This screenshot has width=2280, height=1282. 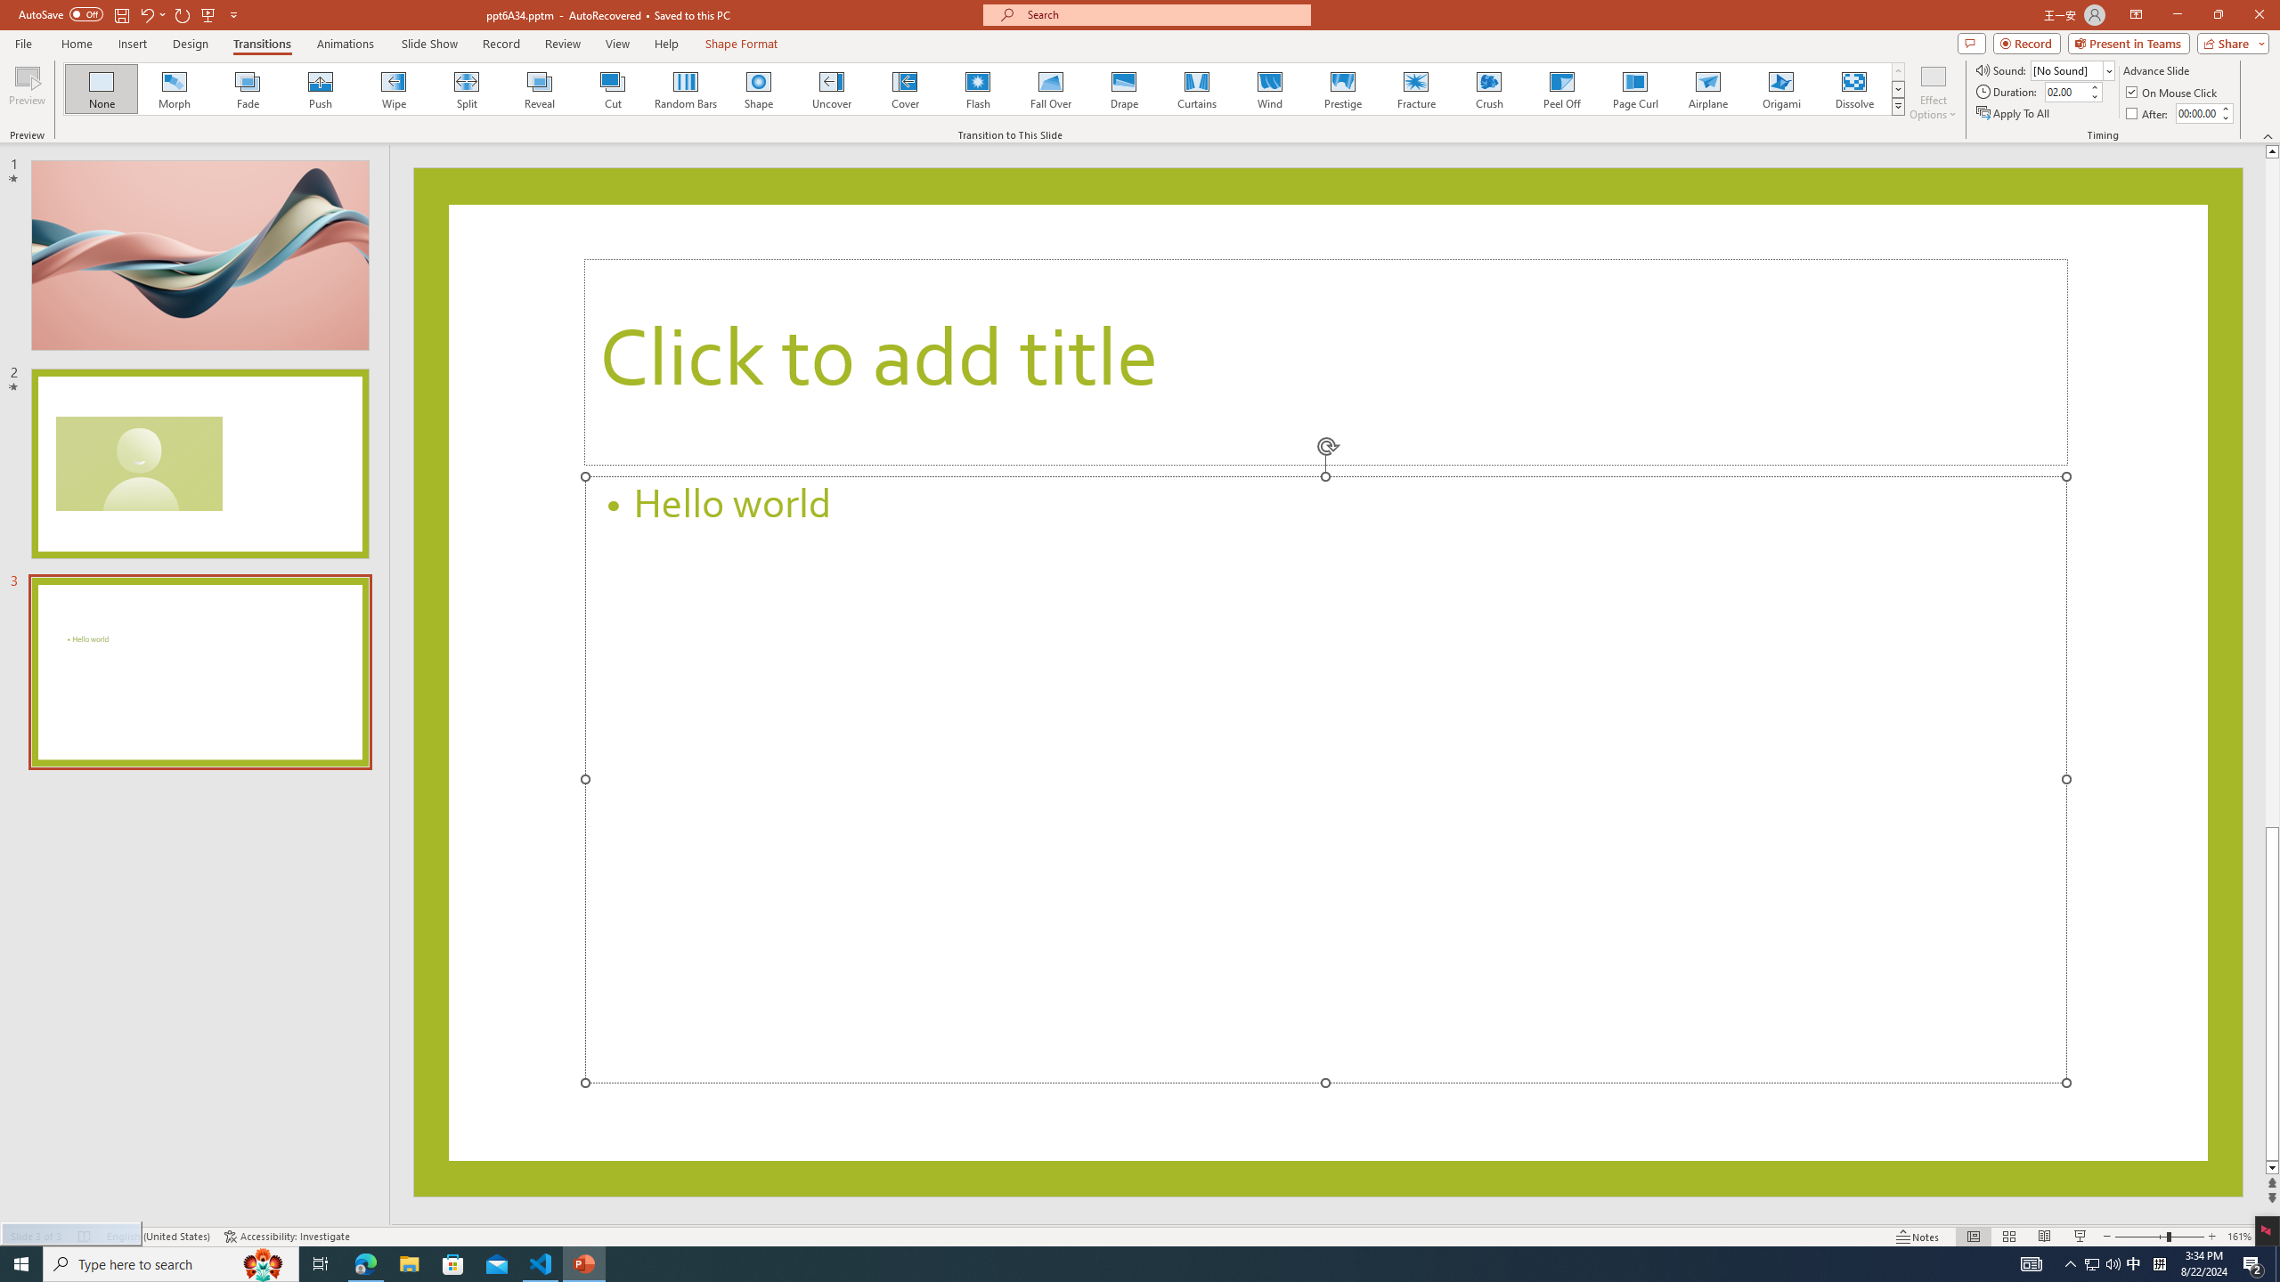 I want to click on 'More', so click(x=2225, y=107).